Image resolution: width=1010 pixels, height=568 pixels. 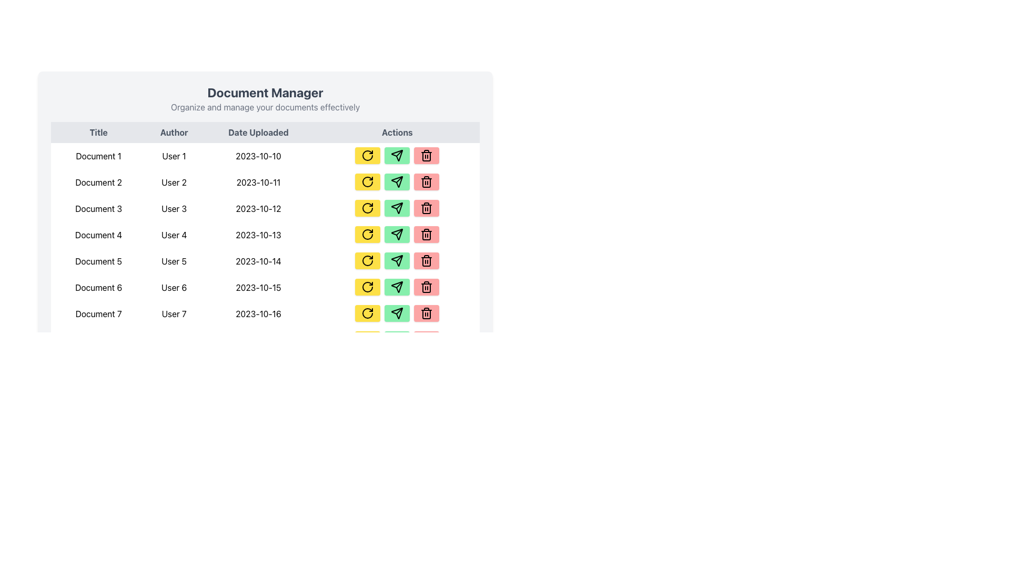 I want to click on the red rectangular button with a trash bin icon located in the 'Actions' column for 'Document 6', so click(x=427, y=287).